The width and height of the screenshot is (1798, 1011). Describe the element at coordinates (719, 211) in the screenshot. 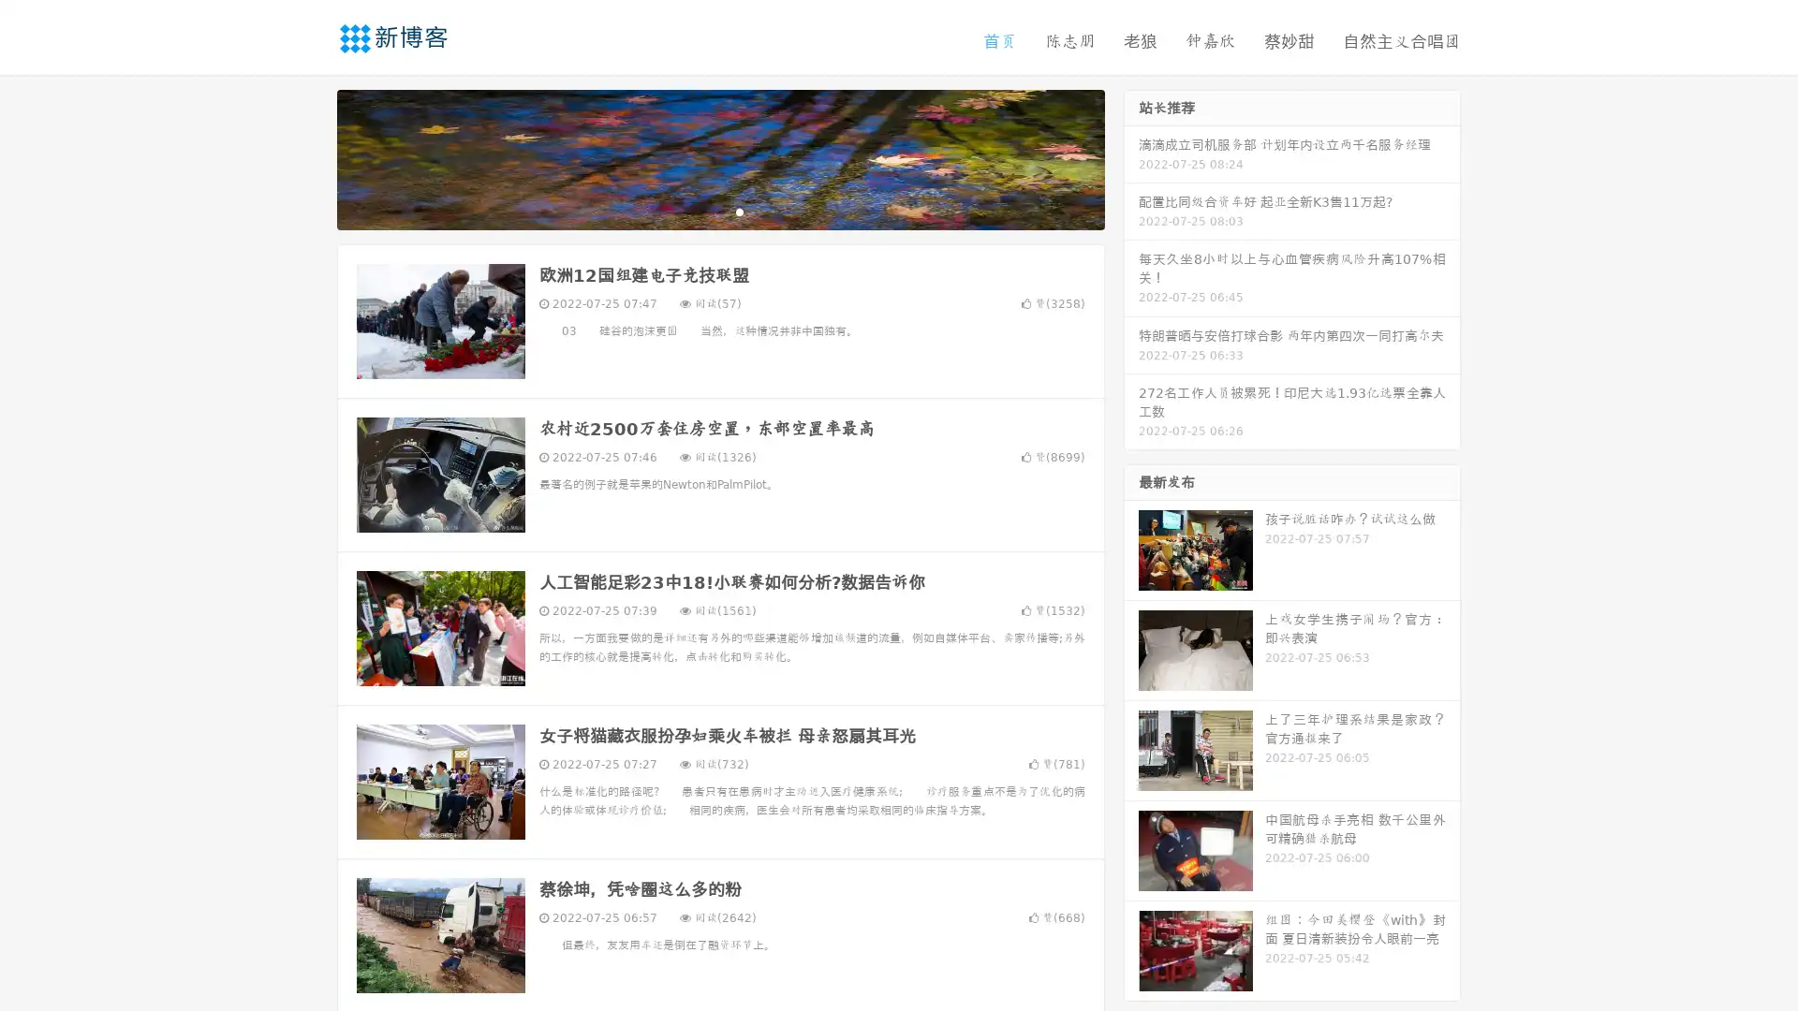

I see `Go to slide 2` at that location.